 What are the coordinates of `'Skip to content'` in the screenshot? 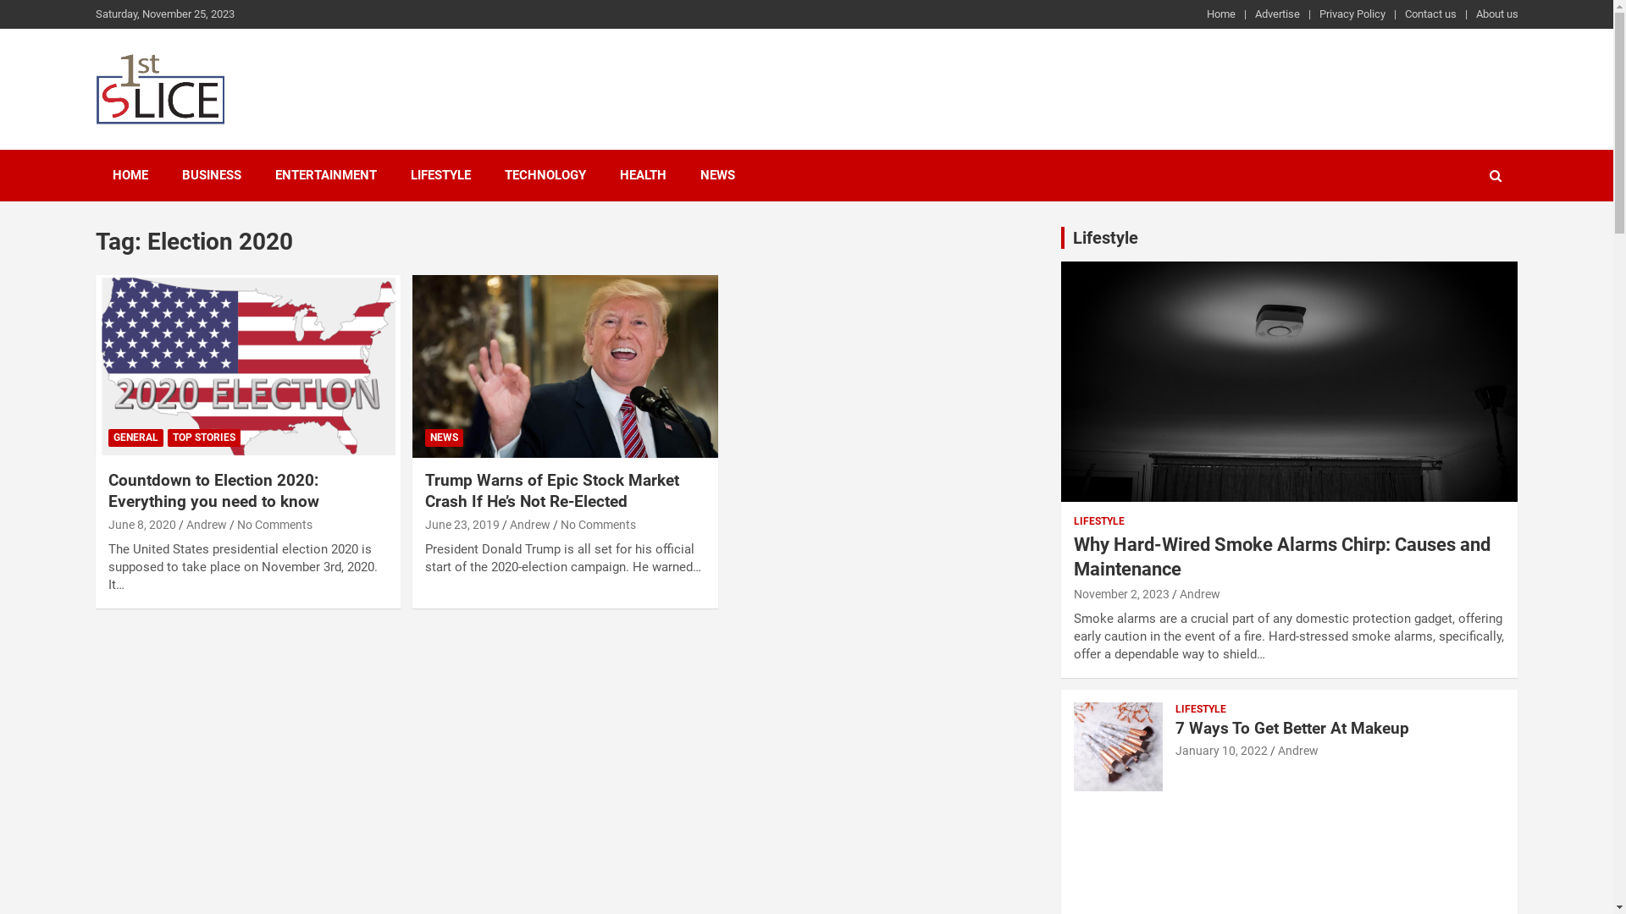 It's located at (0, 0).